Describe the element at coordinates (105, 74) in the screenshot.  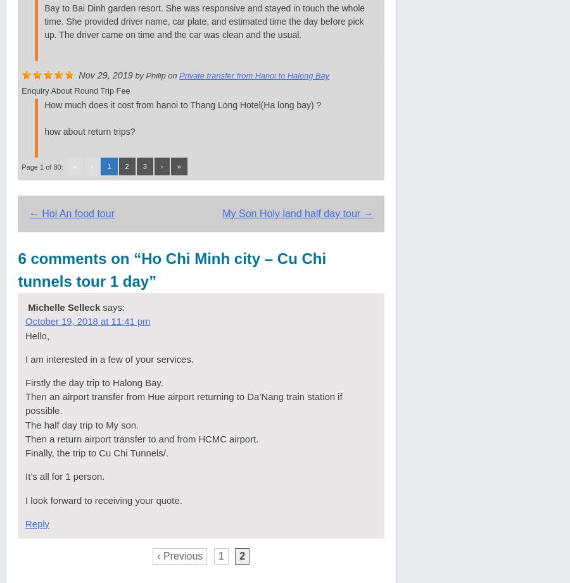
I see `'Nov 29, 2019'` at that location.